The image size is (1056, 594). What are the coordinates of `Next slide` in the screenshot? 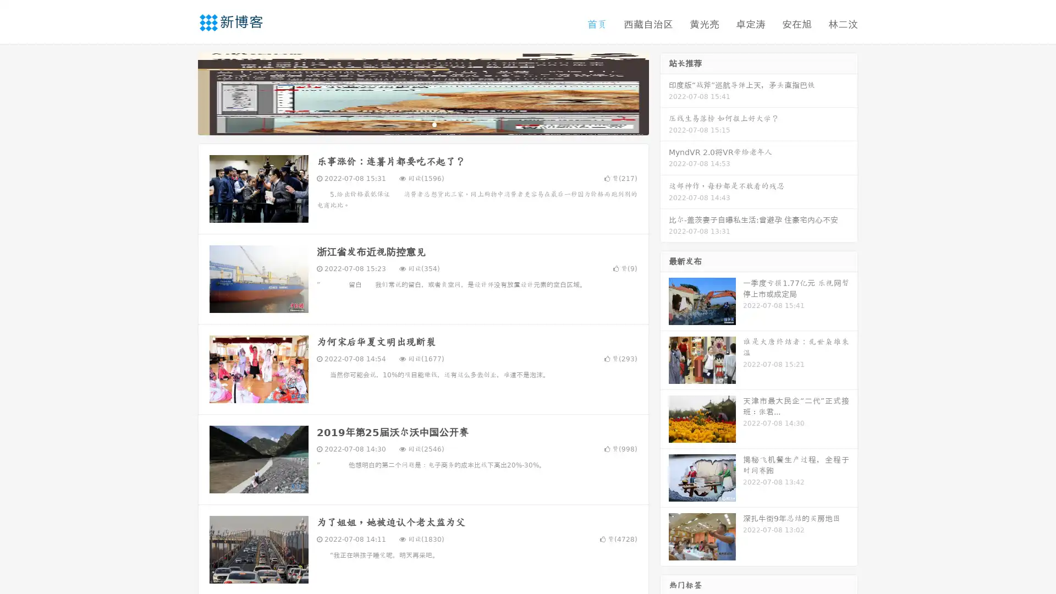 It's located at (664, 92).